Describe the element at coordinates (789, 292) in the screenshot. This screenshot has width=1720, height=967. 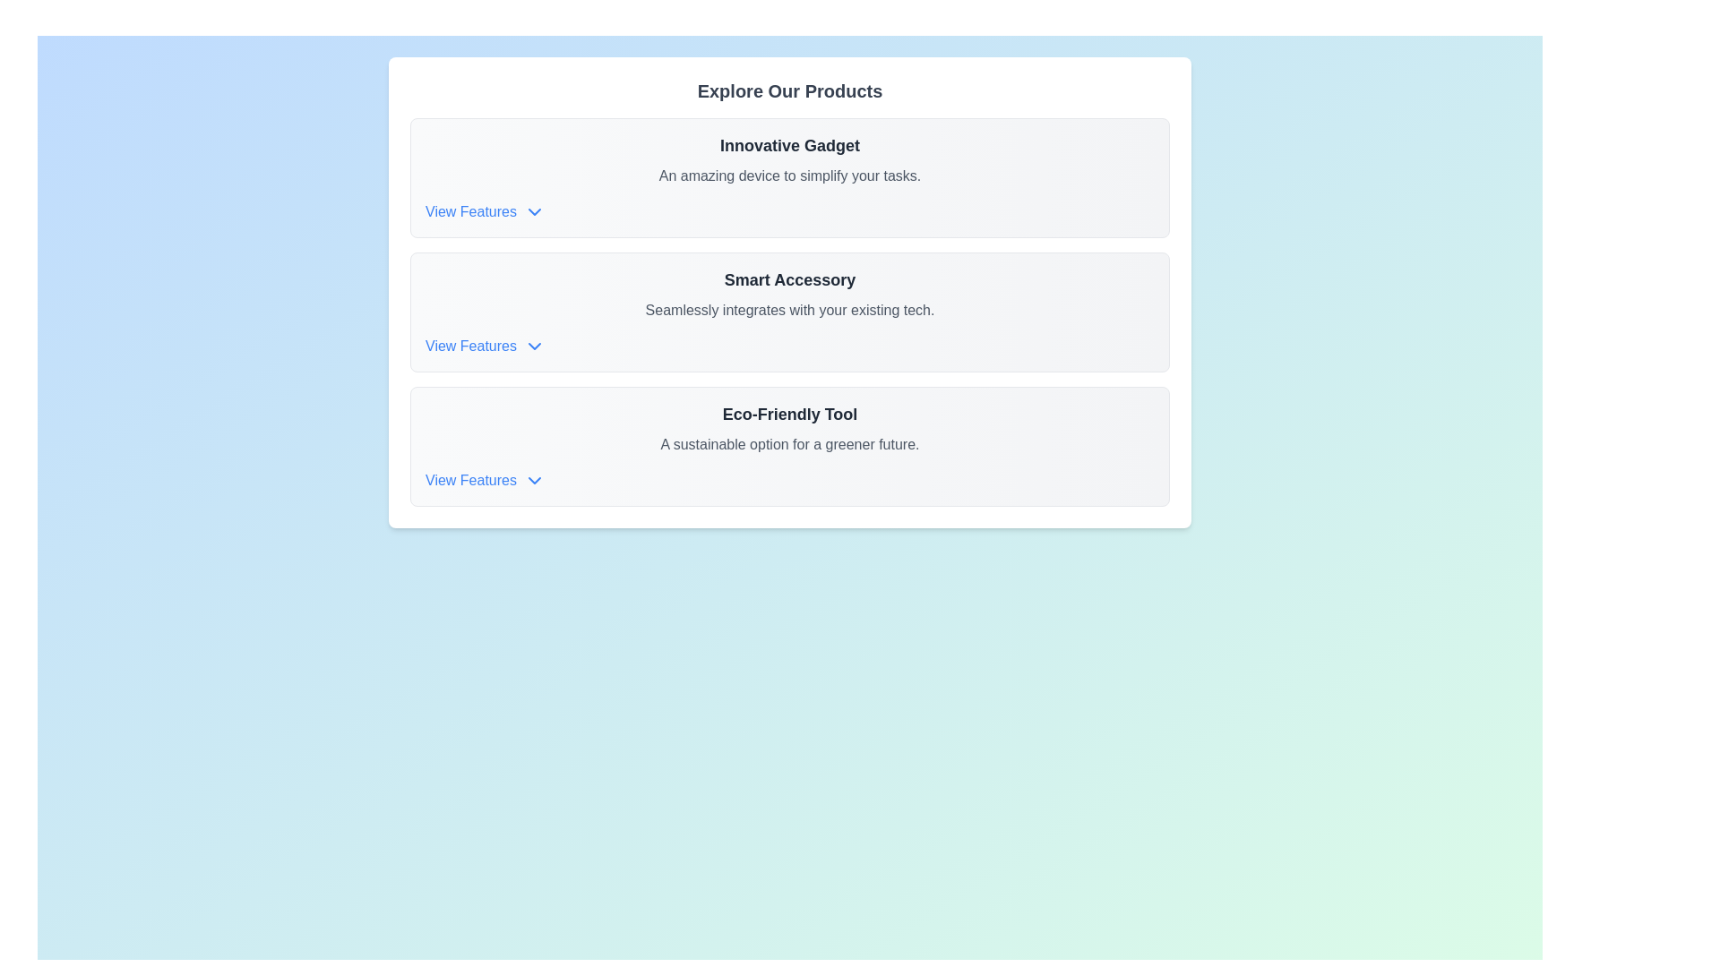
I see `the 'Smart Accessory' section` at that location.